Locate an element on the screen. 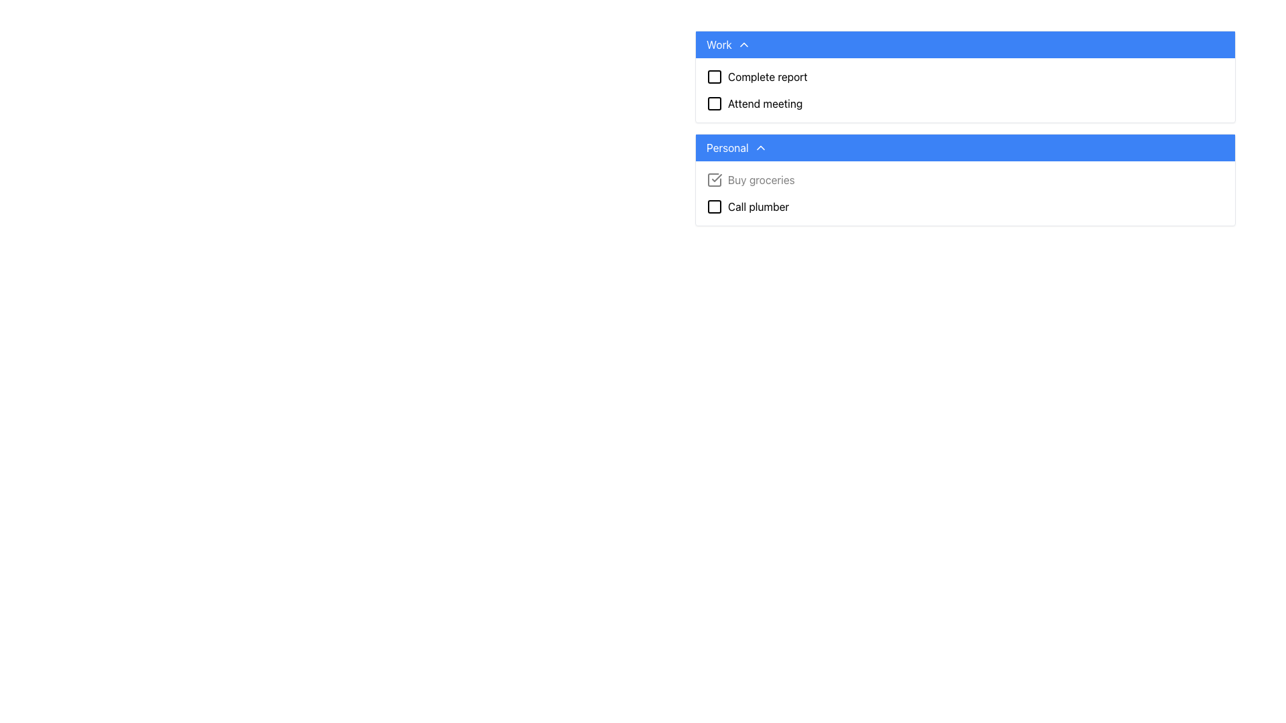  the toggle button at the top of the list is located at coordinates (965, 44).